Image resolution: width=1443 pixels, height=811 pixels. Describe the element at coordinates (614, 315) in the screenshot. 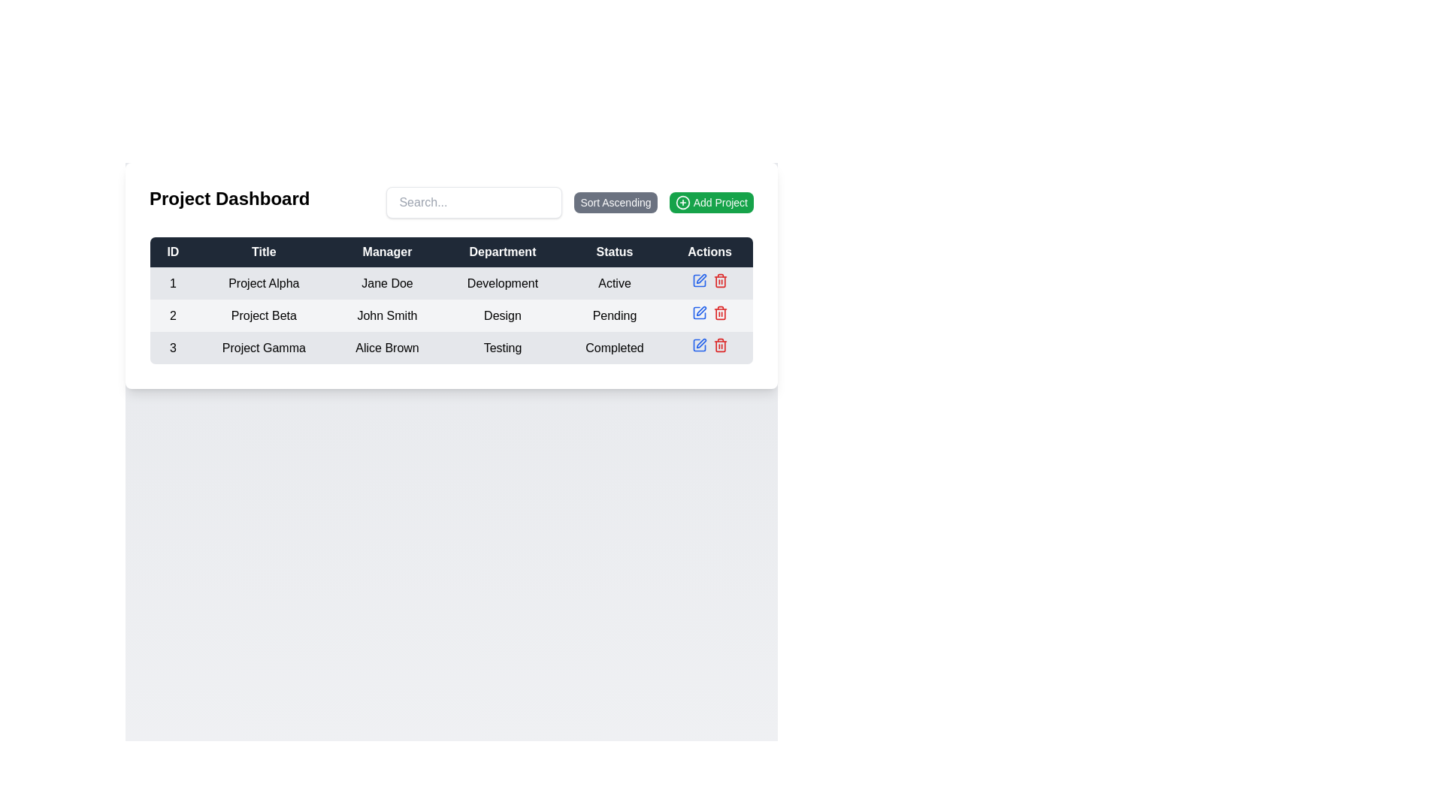

I see `status information from the 'Pending' text label located under the 'Status' column for 'Project Beta' managed by 'John Smith'` at that location.